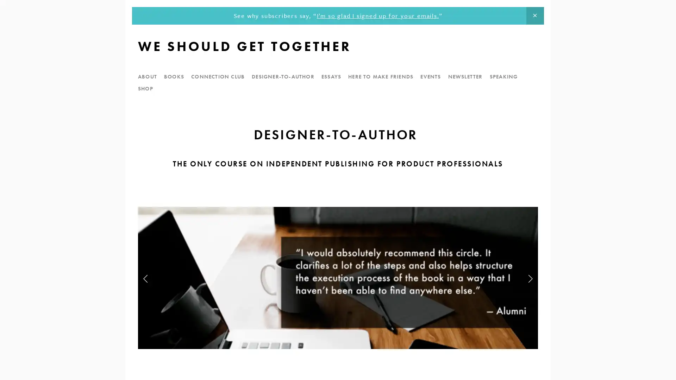 The height and width of the screenshot is (380, 676). Describe the element at coordinates (145, 278) in the screenshot. I see `Previous Slide` at that location.